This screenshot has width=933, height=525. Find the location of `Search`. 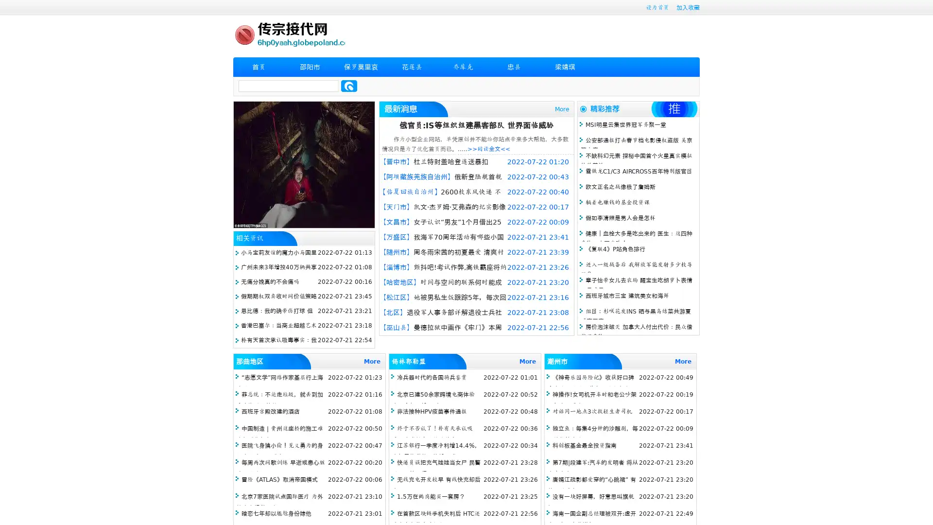

Search is located at coordinates (349, 86).